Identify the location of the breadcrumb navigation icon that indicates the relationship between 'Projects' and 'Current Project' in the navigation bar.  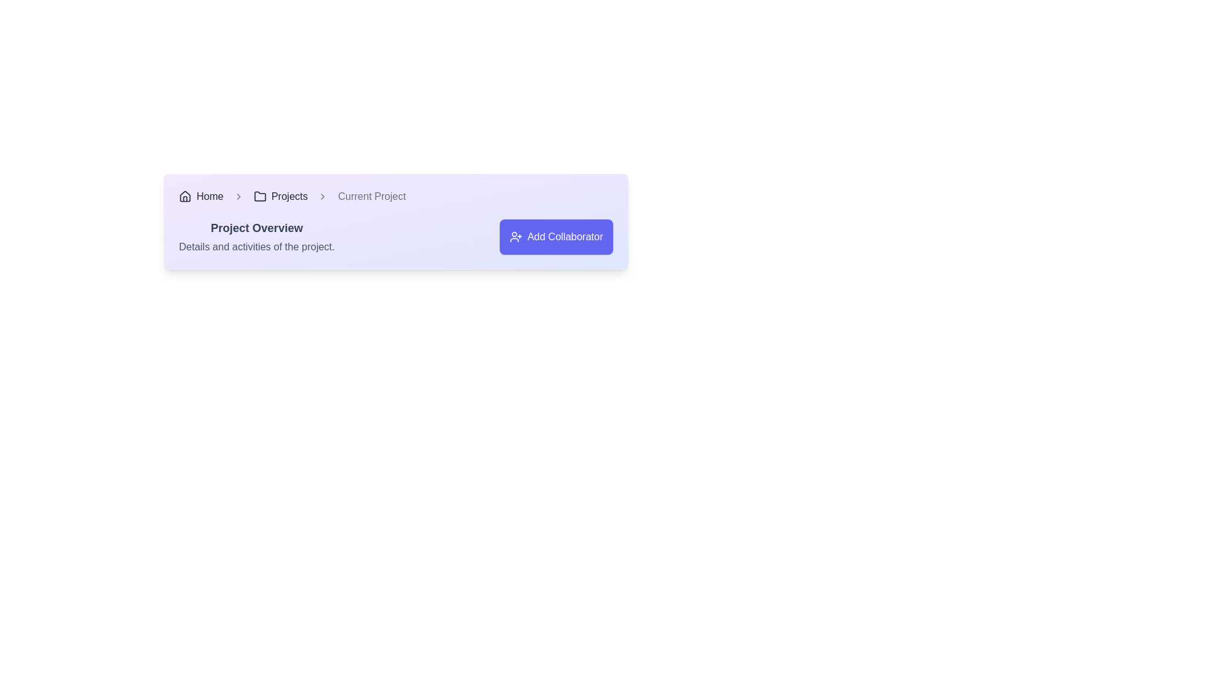
(323, 197).